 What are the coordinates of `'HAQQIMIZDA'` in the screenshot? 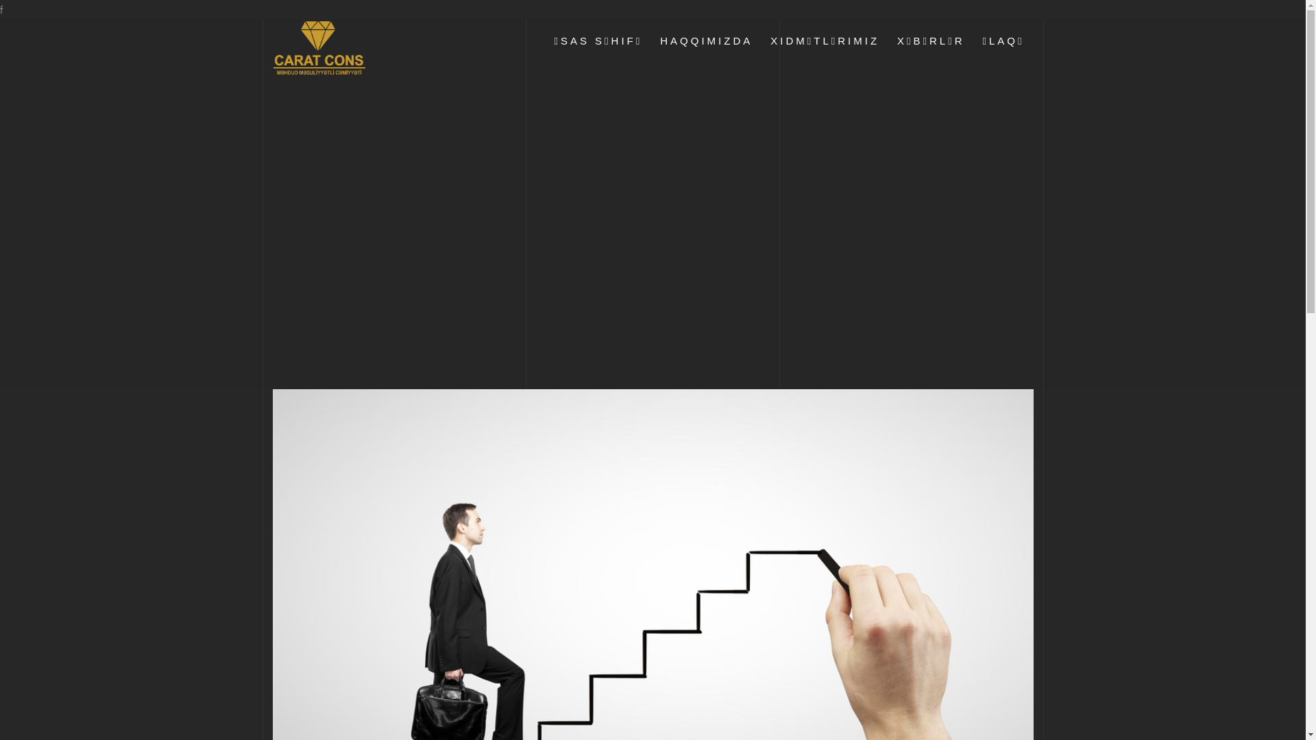 It's located at (706, 40).